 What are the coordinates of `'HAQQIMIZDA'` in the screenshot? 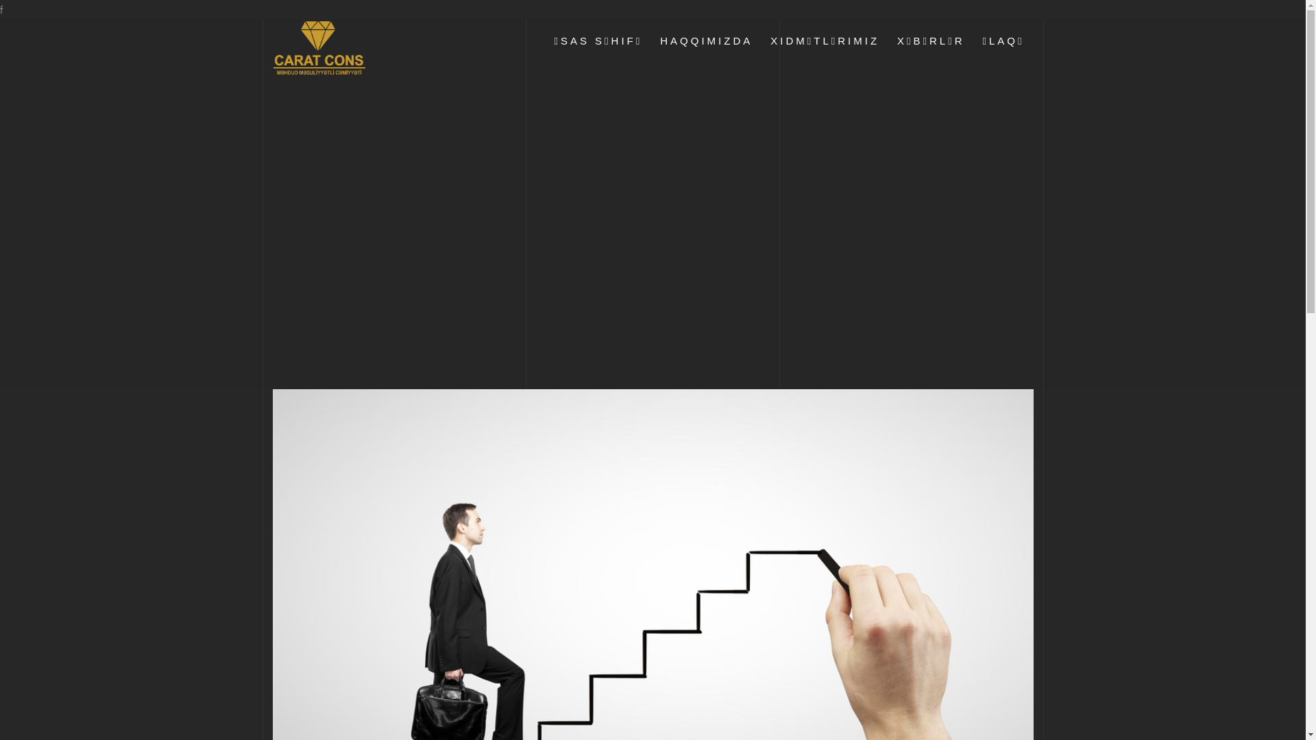 It's located at (706, 40).